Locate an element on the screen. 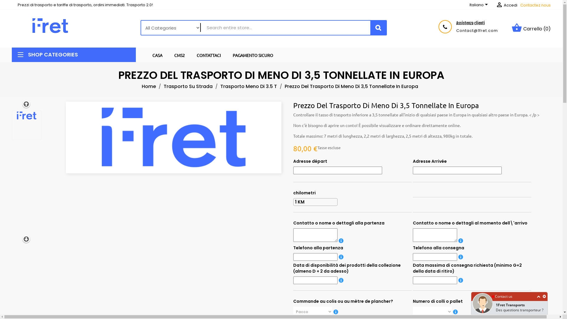  'Home' is located at coordinates (149, 86).